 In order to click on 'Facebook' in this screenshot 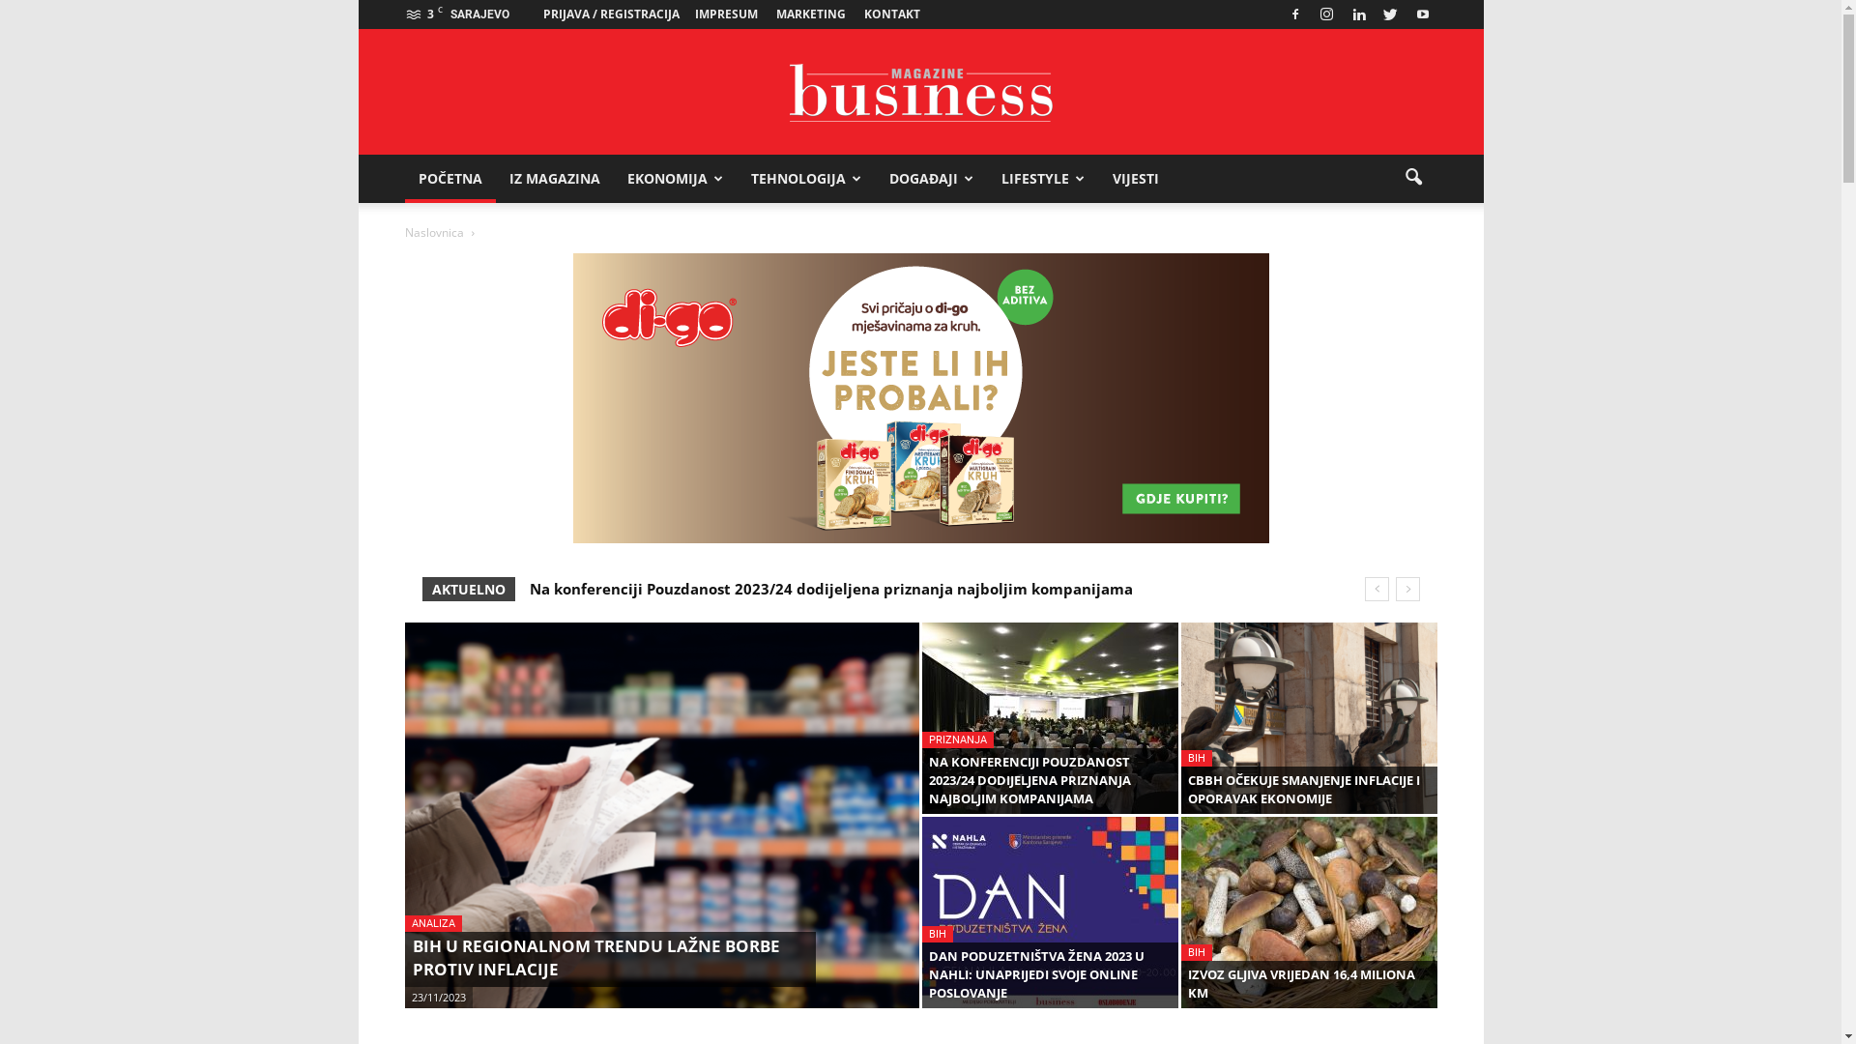, I will do `click(1280, 14)`.